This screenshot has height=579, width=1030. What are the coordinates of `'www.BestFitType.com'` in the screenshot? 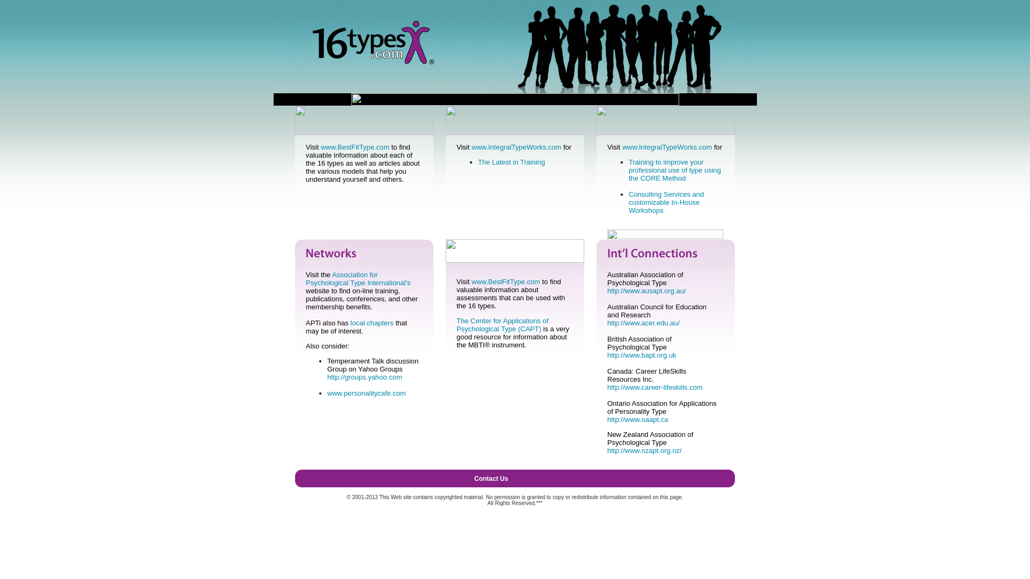 It's located at (355, 147).